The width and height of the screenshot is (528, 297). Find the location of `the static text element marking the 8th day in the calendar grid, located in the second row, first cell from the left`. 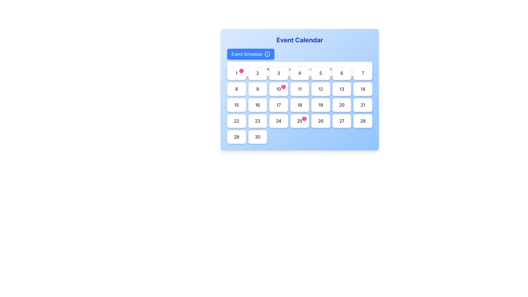

the static text element marking the 8th day in the calendar grid, located in the second row, first cell from the left is located at coordinates (237, 89).